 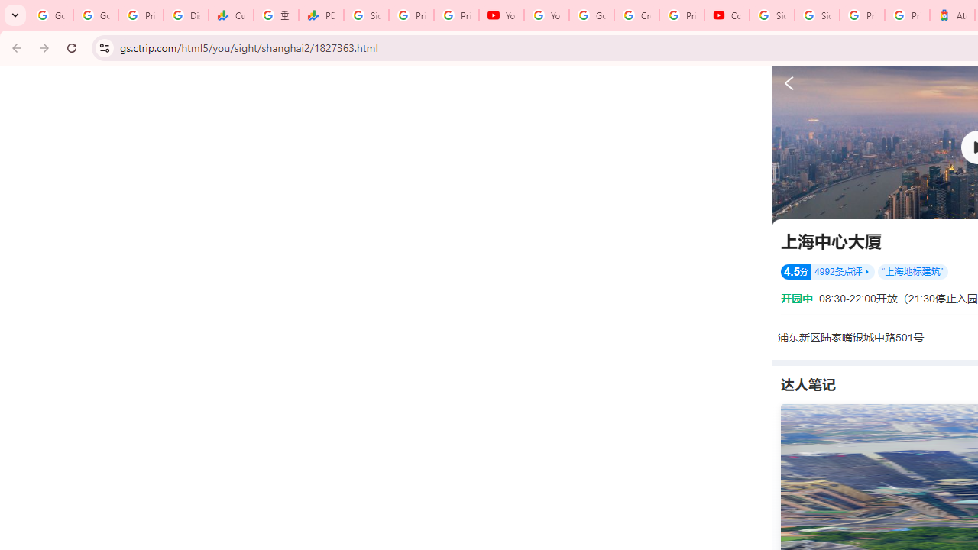 I want to click on 'YouTube', so click(x=546, y=15).